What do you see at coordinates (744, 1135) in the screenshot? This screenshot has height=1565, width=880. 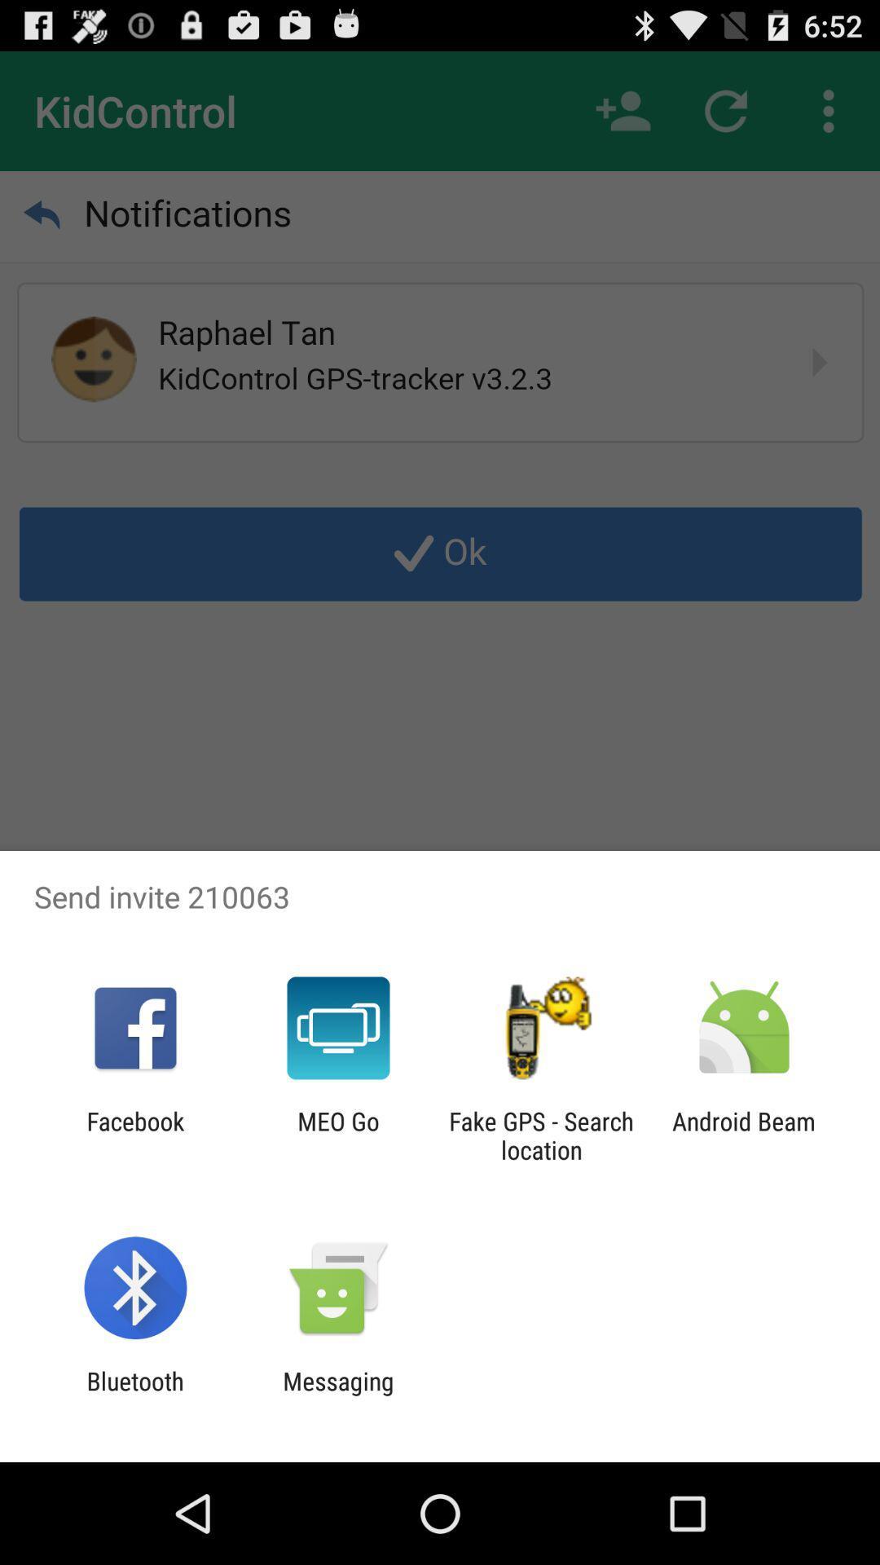 I see `icon to the right of fake gps search item` at bounding box center [744, 1135].